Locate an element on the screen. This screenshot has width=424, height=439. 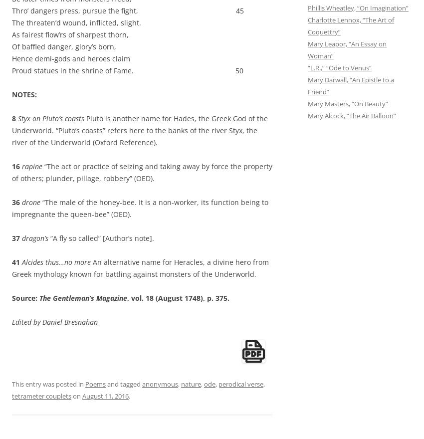
'perodical verse' is located at coordinates (240, 384).